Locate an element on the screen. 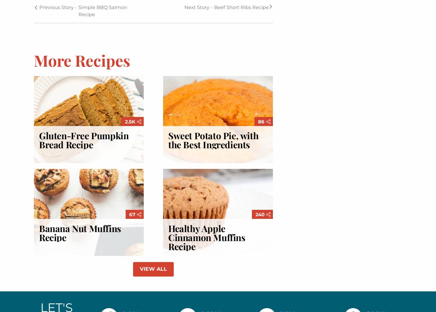 The height and width of the screenshot is (312, 436). 'Beef Short Ribs Recipe' is located at coordinates (241, 7).